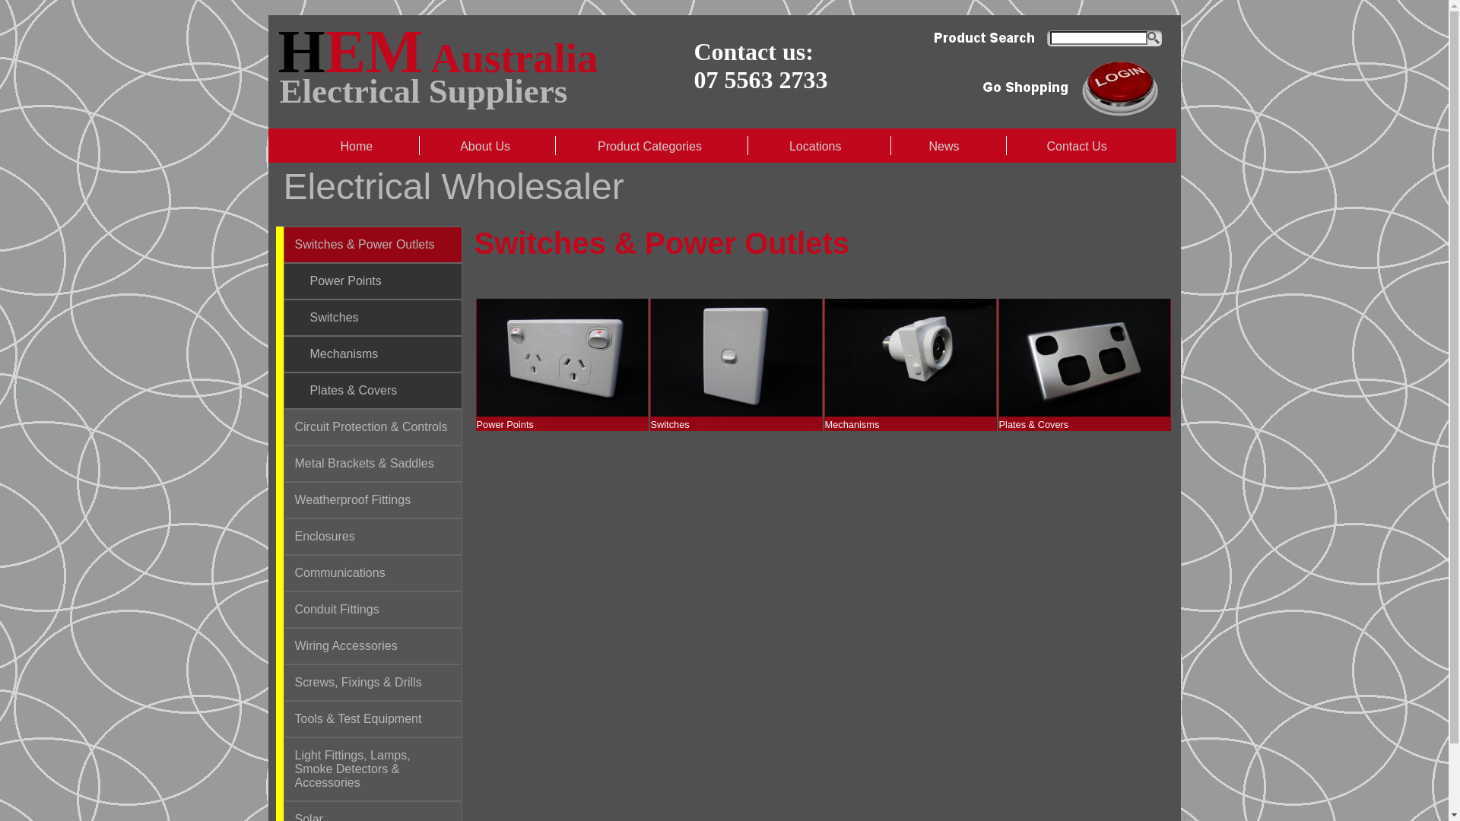 The width and height of the screenshot is (1460, 821). Describe the element at coordinates (944, 146) in the screenshot. I see `'News'` at that location.